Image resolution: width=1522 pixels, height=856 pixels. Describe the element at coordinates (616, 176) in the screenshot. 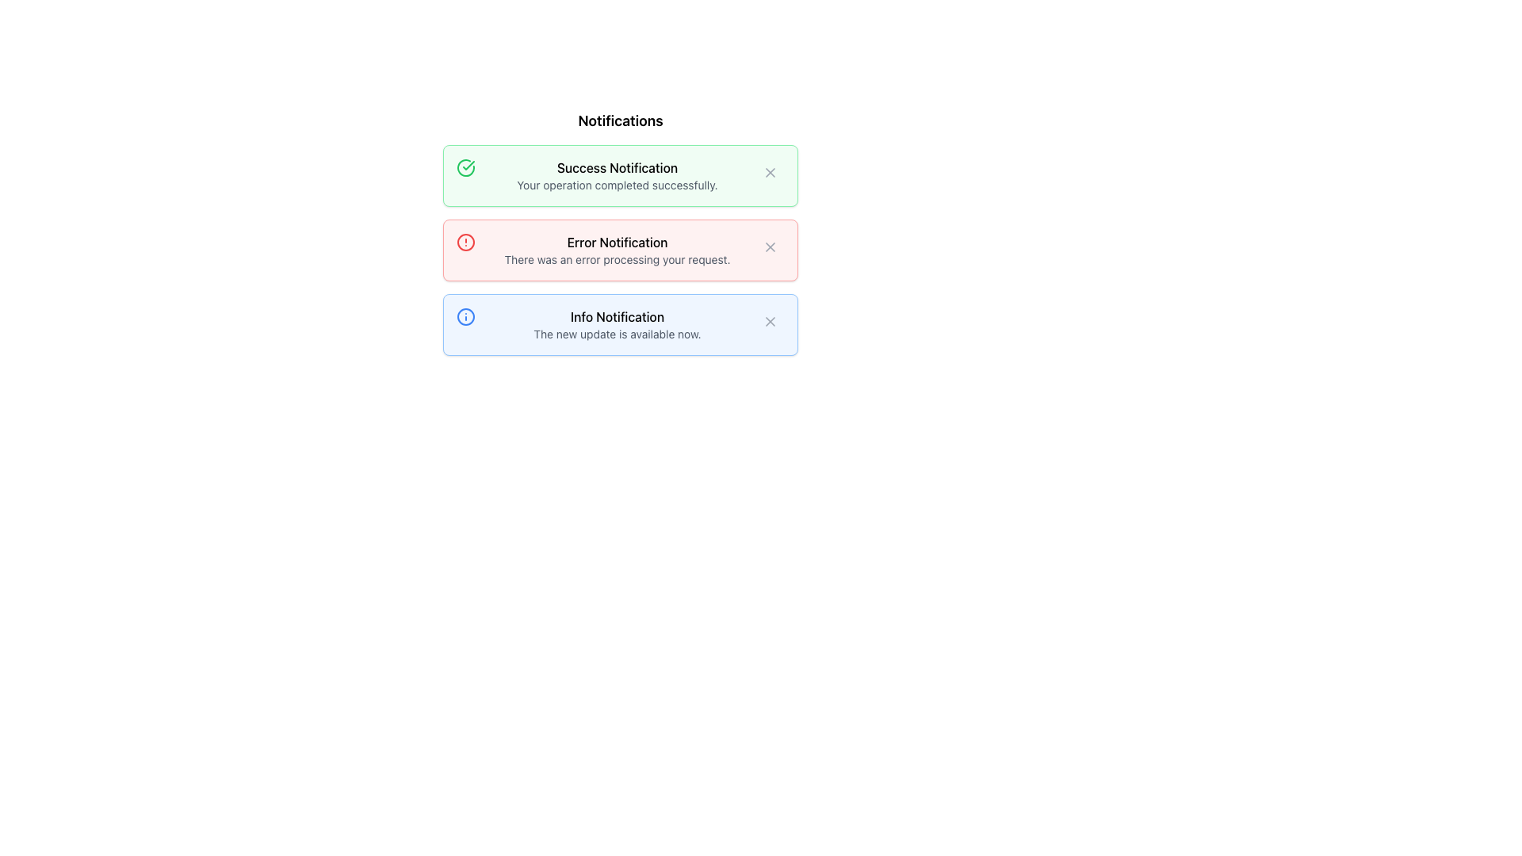

I see `the success message by reading the text in the Notification Content Block located below the 'Notifications' header and above the error and info notification cards` at that location.